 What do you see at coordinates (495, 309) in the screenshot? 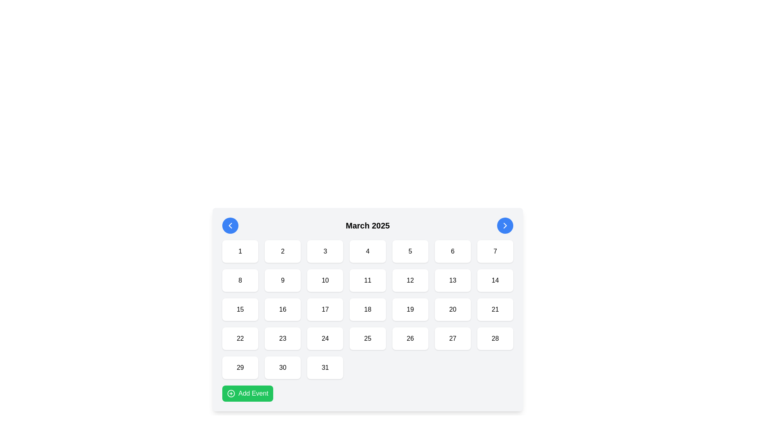
I see `the Calendar Day Cell displaying the number '21', which is styled as a clickable button in the sixth row and third column of the calendar grid` at bounding box center [495, 309].